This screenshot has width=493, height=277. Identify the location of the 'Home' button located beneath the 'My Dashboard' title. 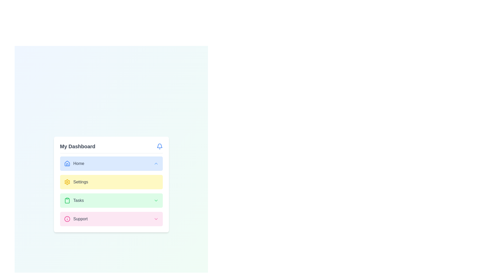
(111, 163).